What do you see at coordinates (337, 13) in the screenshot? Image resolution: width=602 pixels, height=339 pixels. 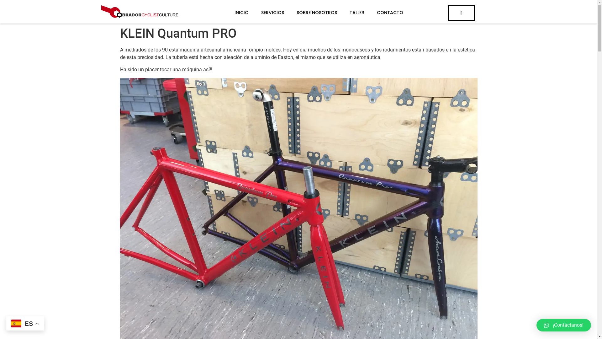 I see `'TALLER'` at bounding box center [337, 13].